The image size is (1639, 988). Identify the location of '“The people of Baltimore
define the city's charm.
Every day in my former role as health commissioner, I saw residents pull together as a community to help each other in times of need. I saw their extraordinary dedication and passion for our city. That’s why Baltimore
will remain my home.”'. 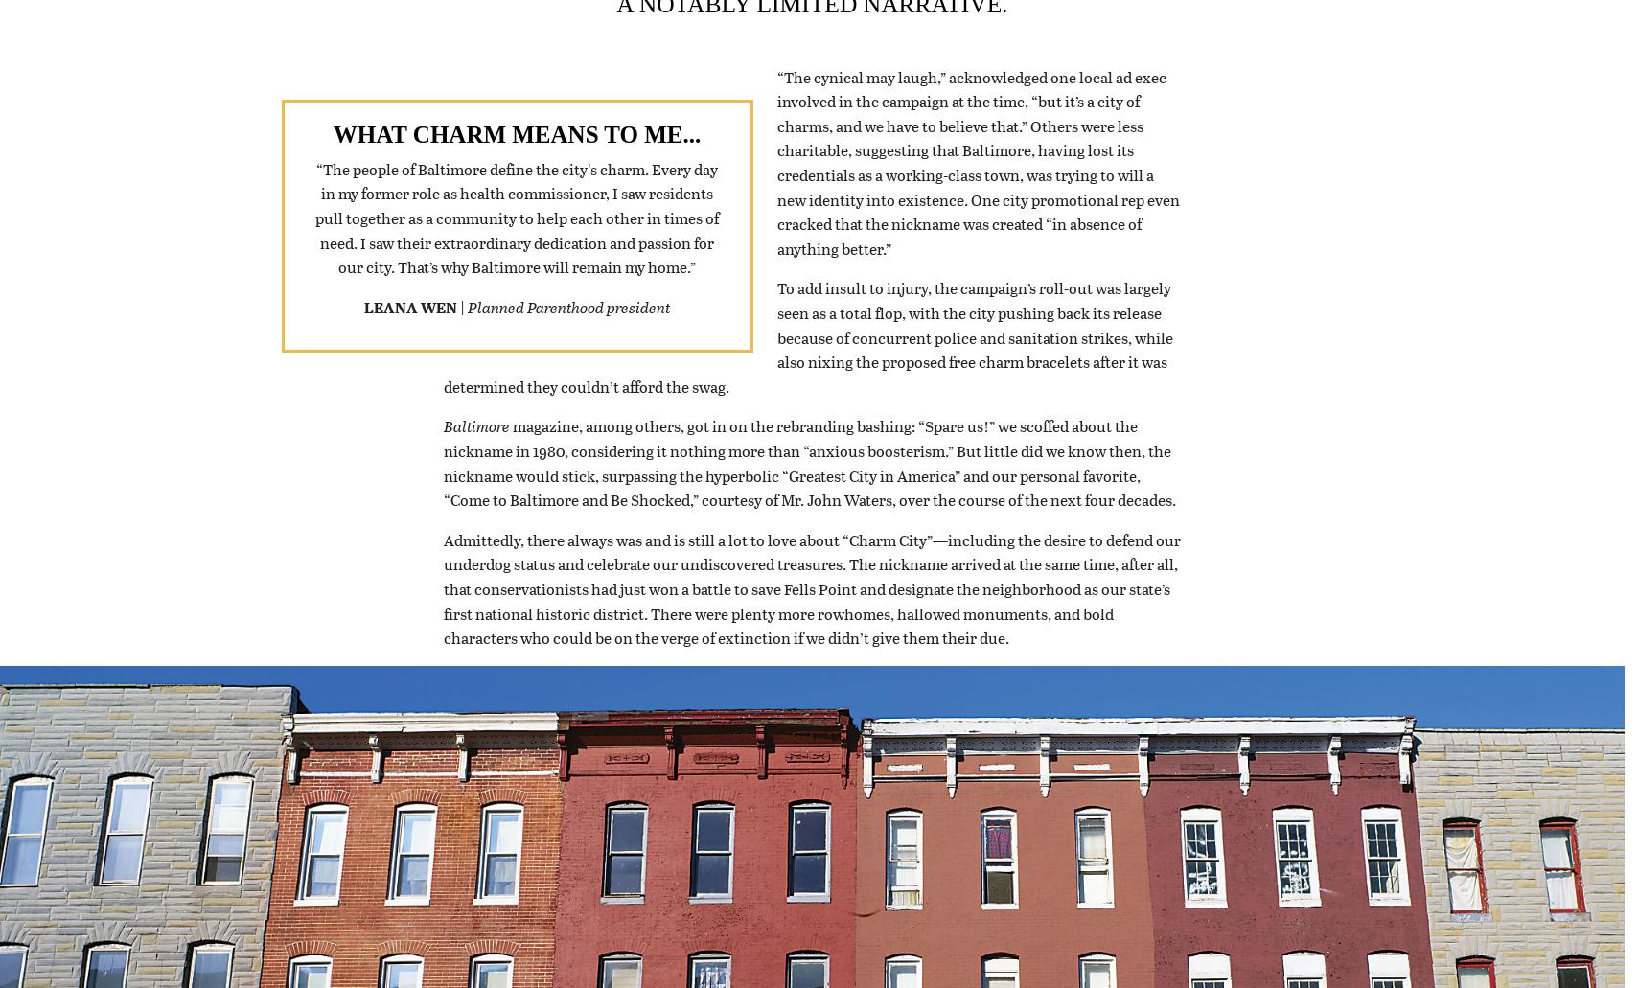
(517, 241).